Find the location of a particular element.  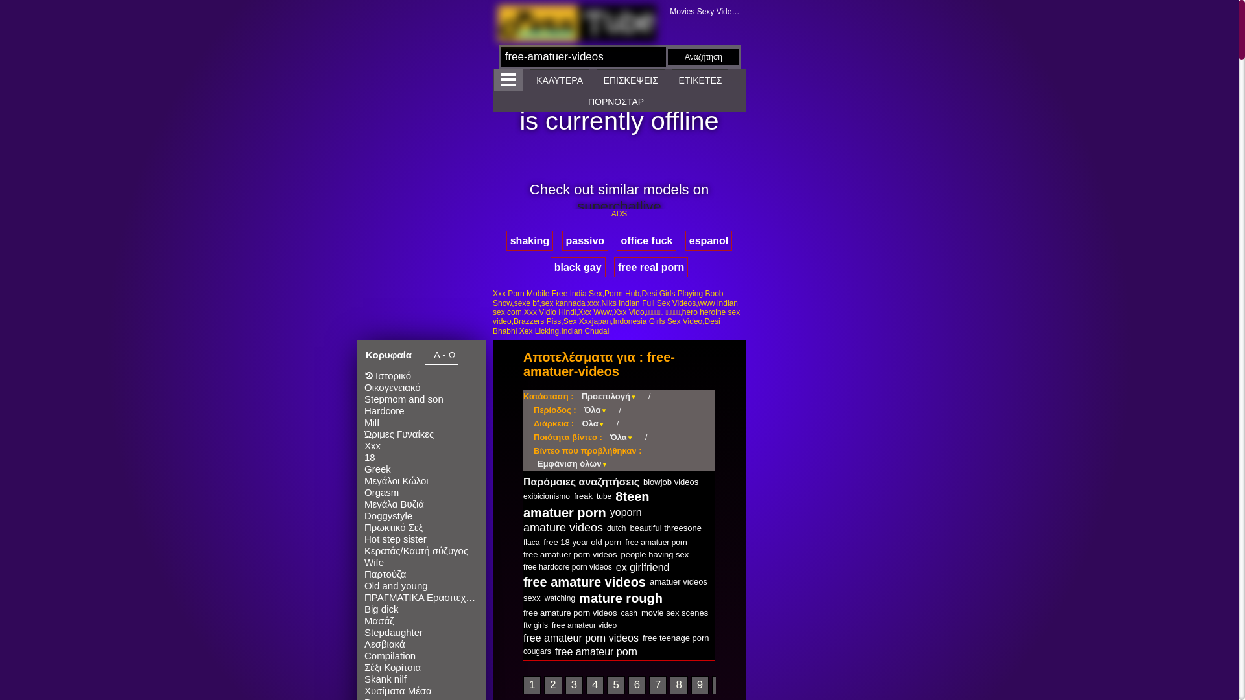

'Hardcore' is located at coordinates (421, 410).